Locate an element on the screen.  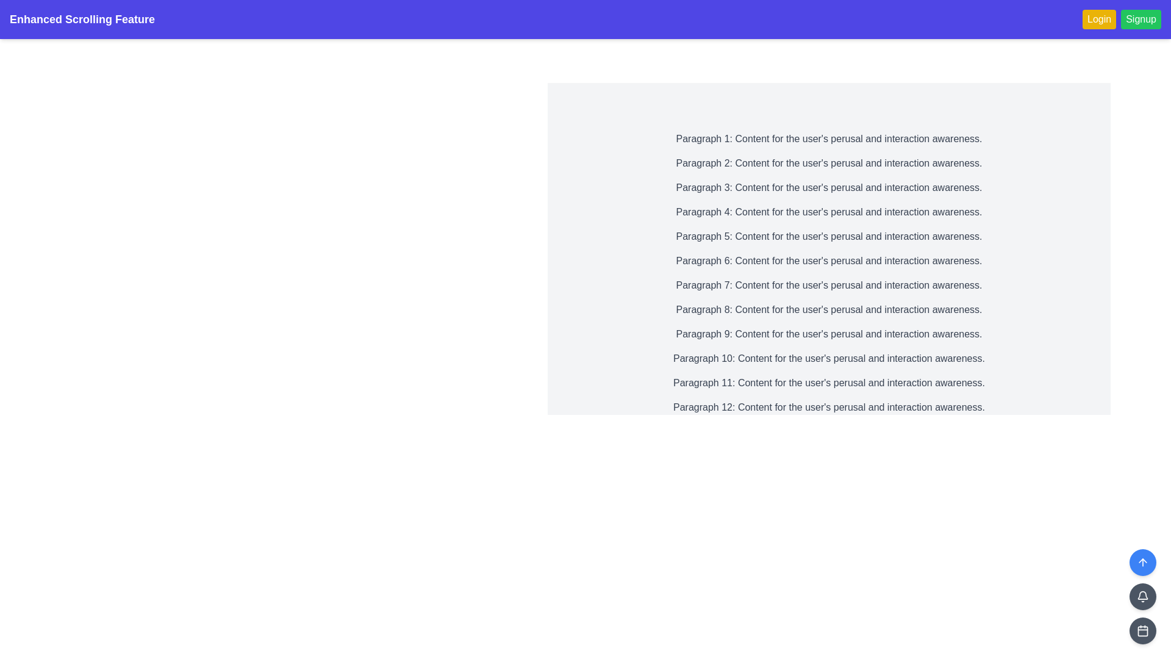
the green 'Signup' button with rounded corners located in the top-right corner of the navigation bar to initiate the signup process is located at coordinates (1141, 19).